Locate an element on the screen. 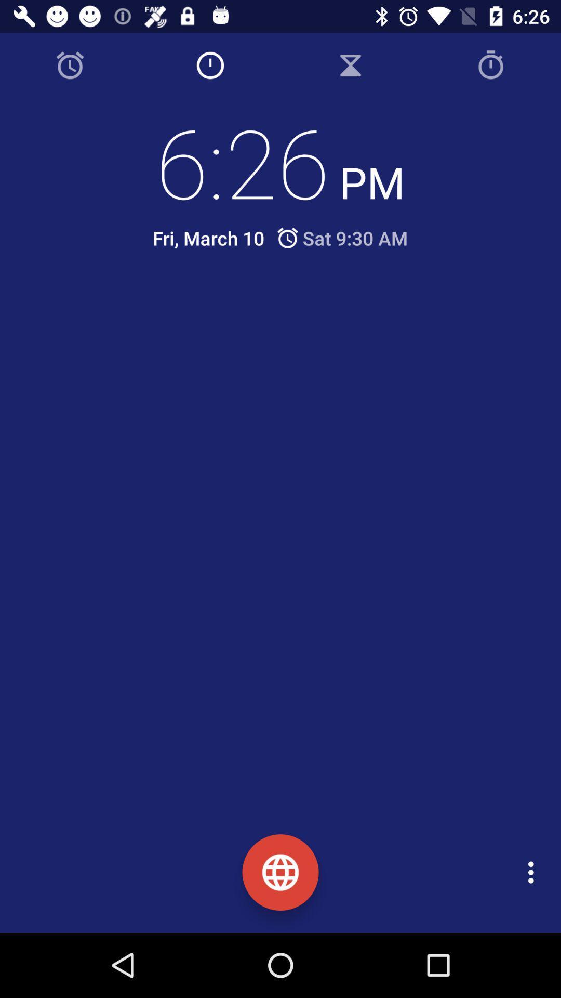 The width and height of the screenshot is (561, 998). sat 9 30 item is located at coordinates (341, 238).